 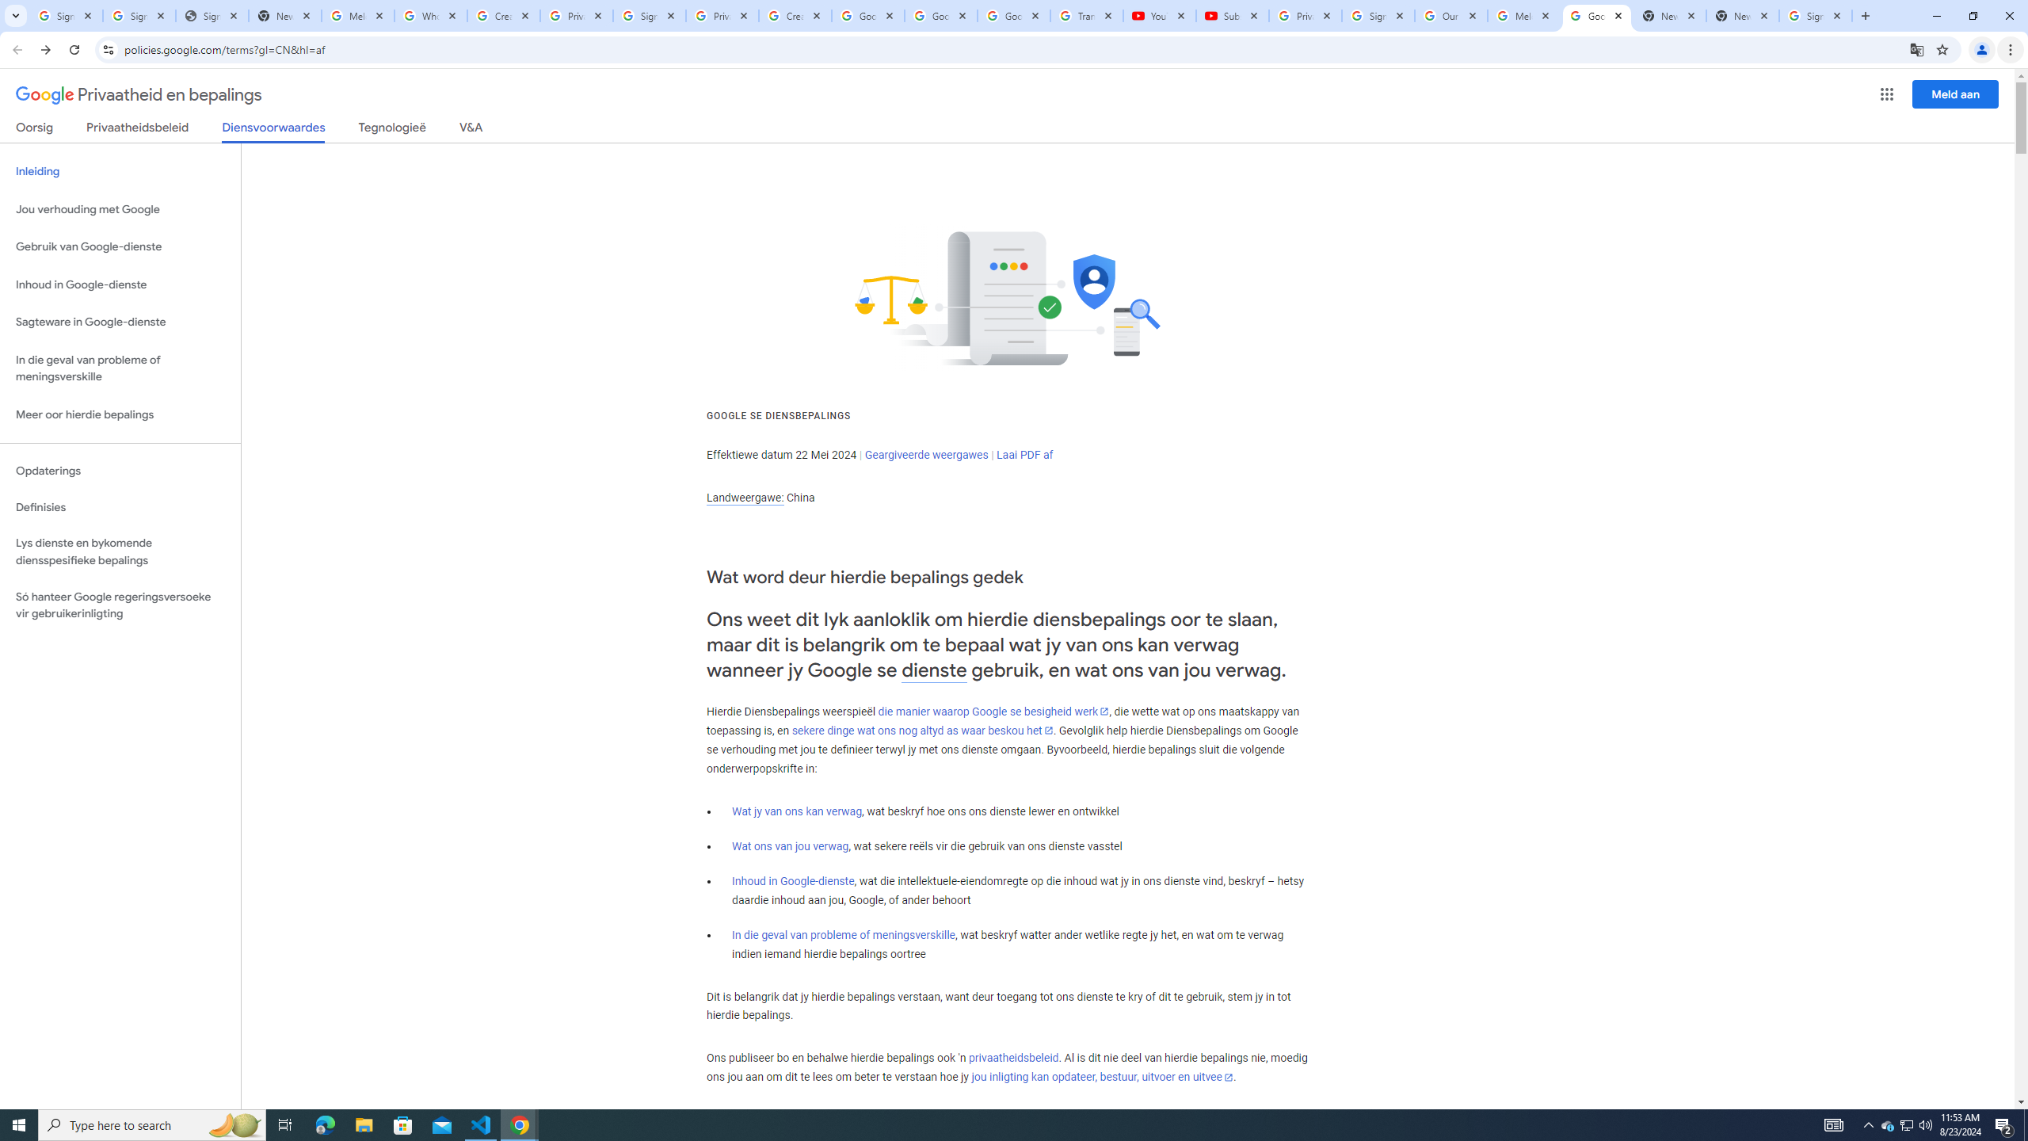 What do you see at coordinates (921, 731) in the screenshot?
I see `'sekere dinge wat ons nog altyd as waar beskou het'` at bounding box center [921, 731].